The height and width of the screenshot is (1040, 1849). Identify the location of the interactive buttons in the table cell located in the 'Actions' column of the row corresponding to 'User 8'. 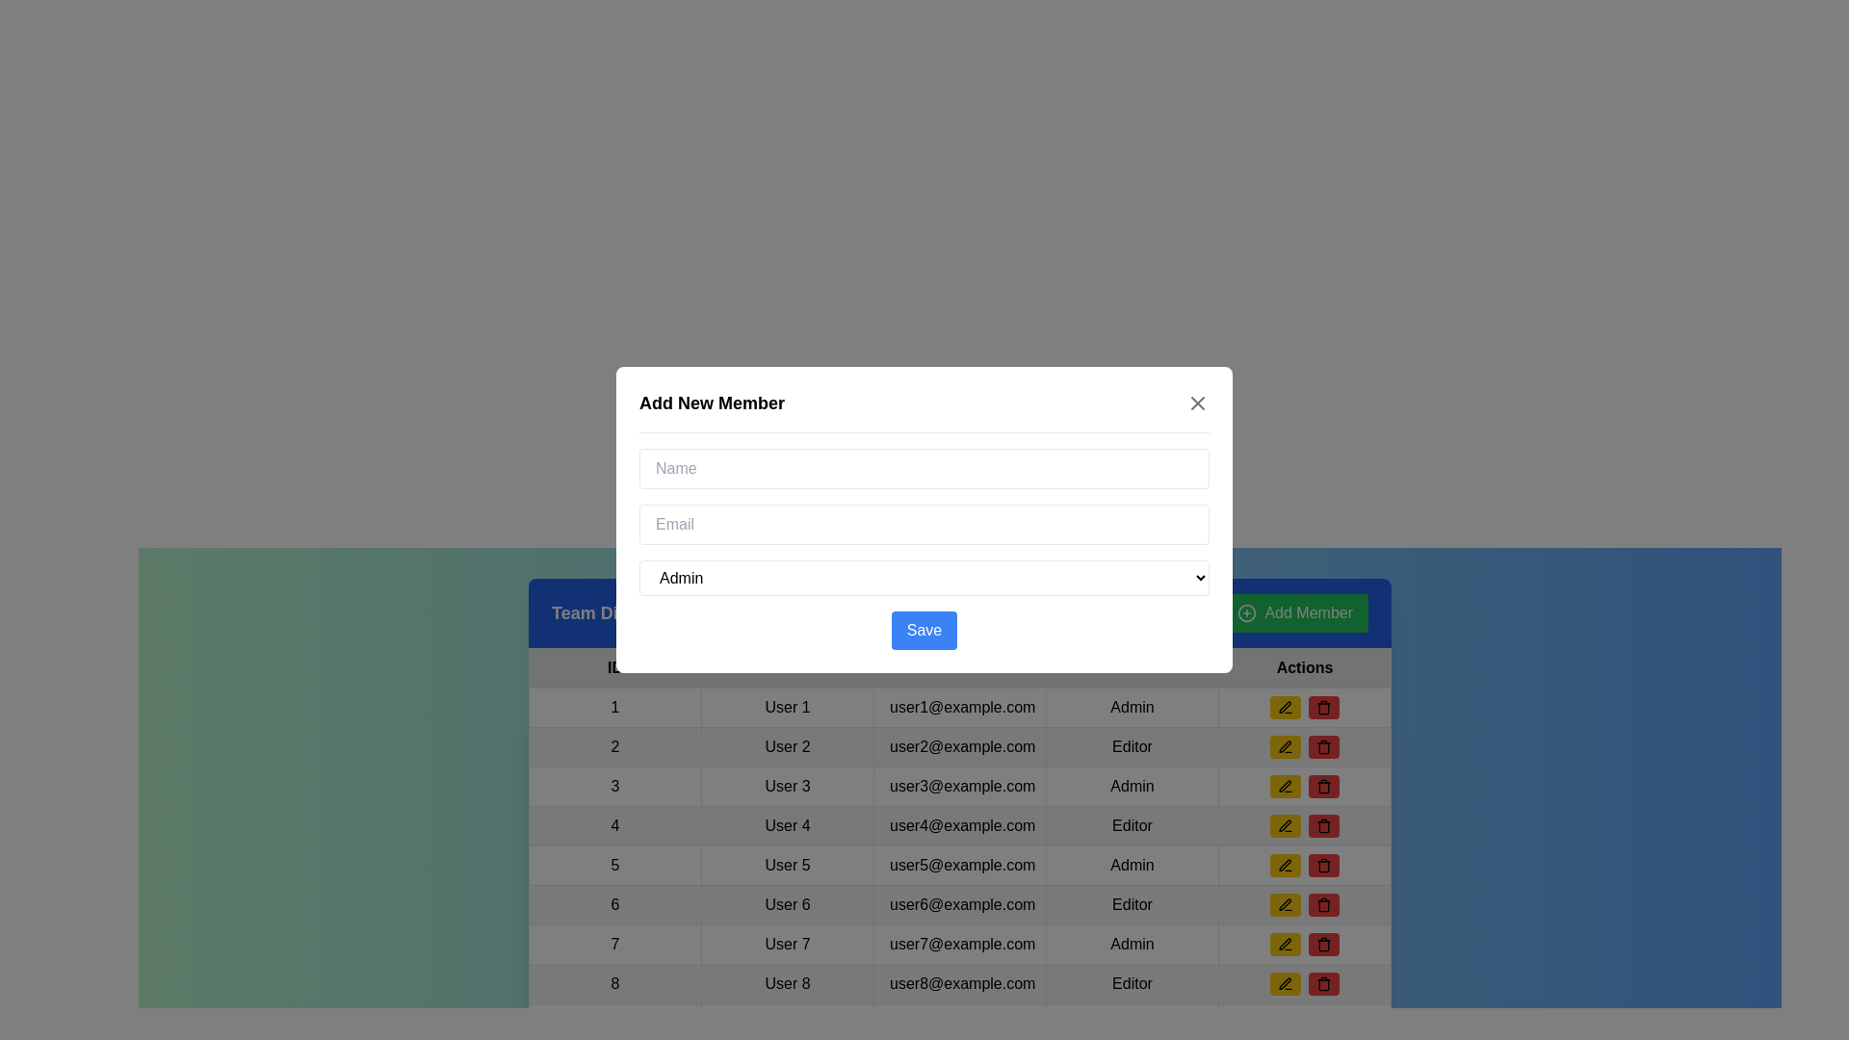
(1304, 984).